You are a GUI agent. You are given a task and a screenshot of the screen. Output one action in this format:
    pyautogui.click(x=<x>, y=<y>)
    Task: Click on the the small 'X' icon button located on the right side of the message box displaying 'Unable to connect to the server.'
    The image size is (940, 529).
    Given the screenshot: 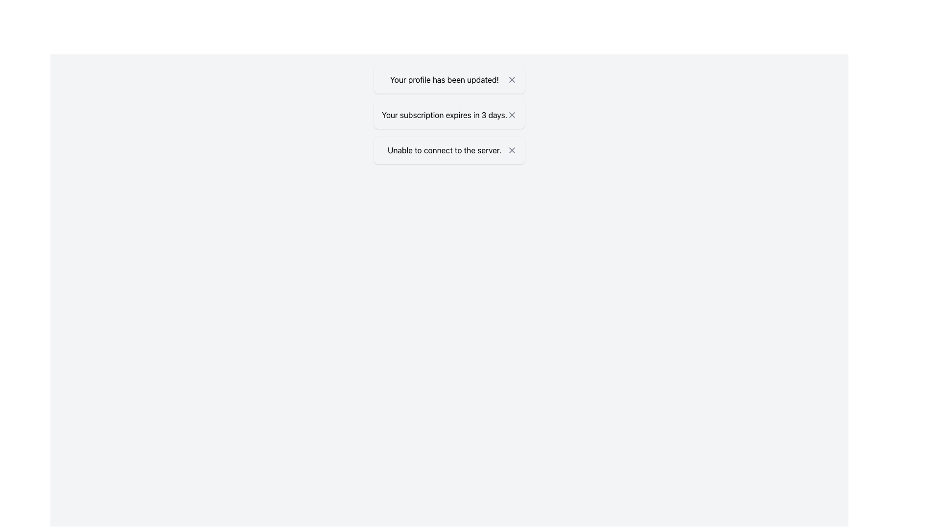 What is the action you would take?
    pyautogui.click(x=512, y=150)
    